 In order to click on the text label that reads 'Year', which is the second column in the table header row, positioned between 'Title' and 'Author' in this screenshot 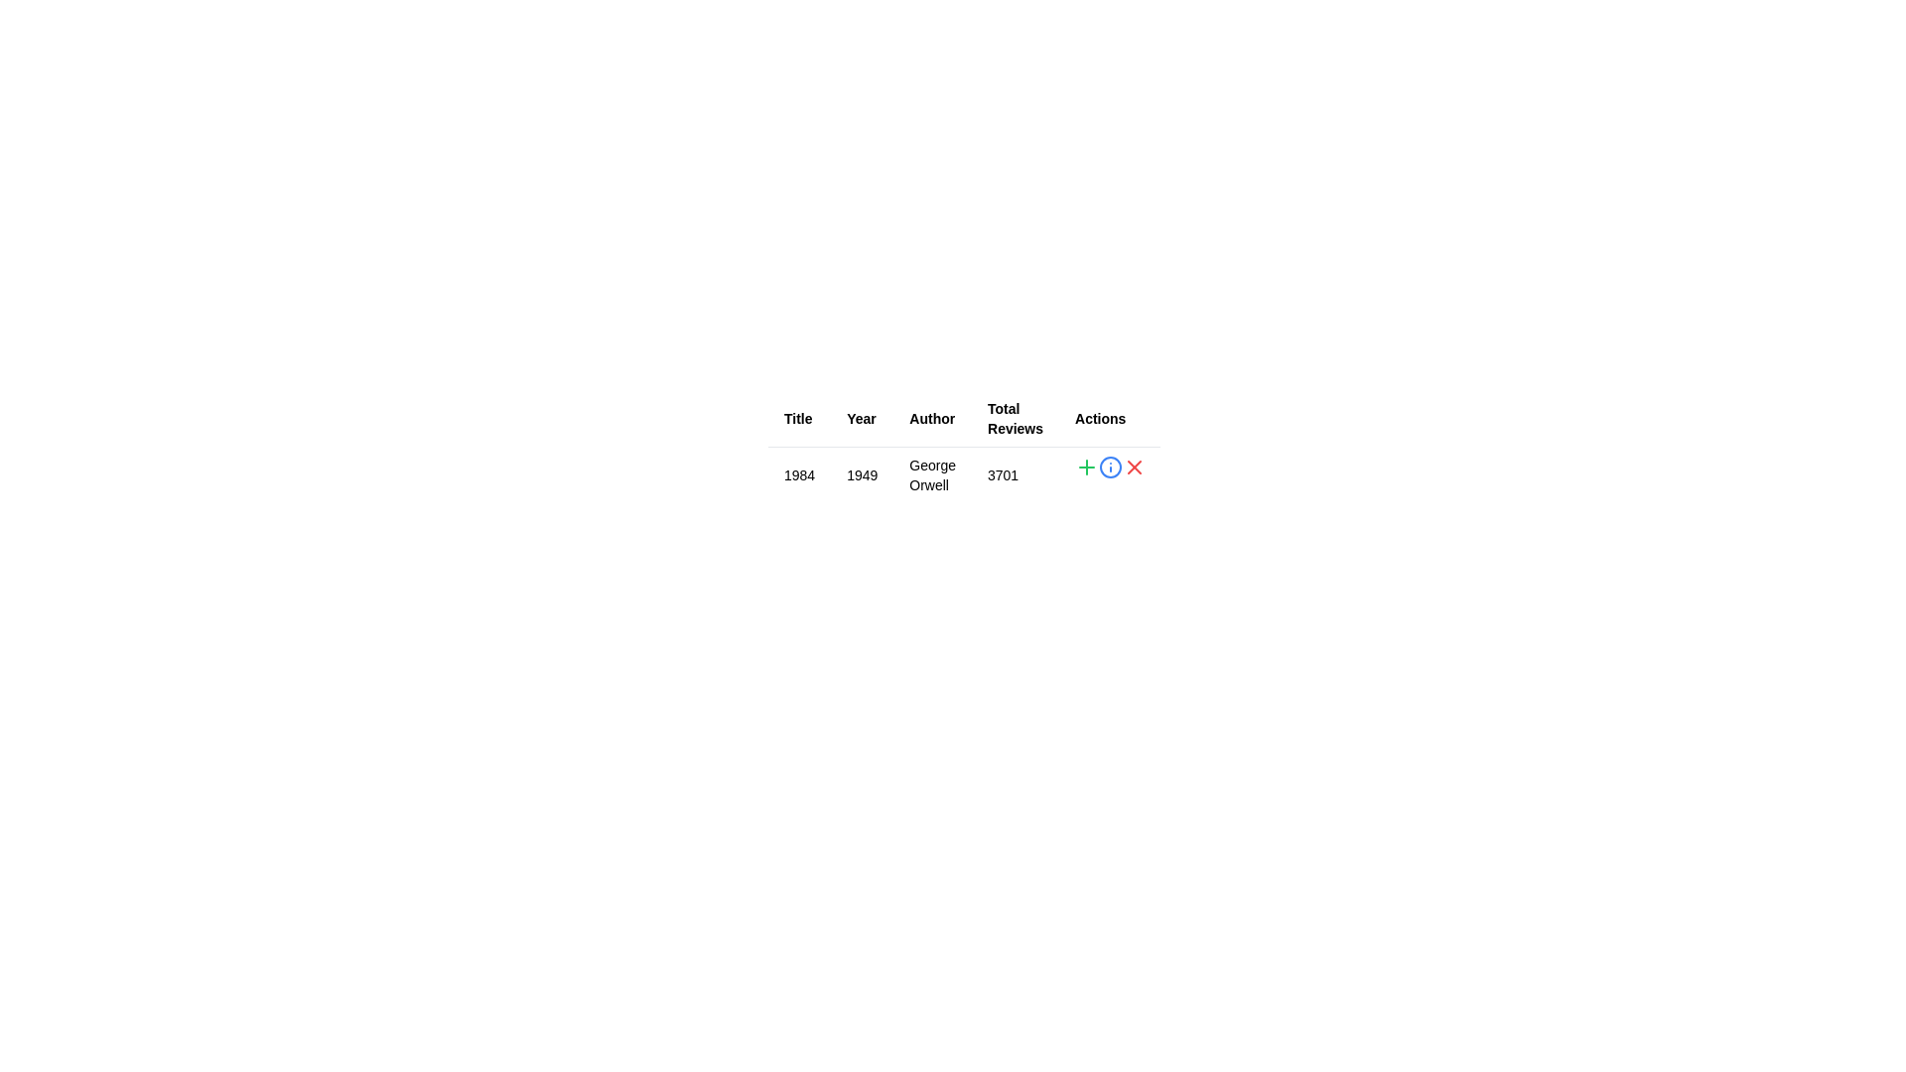, I will do `click(862, 418)`.